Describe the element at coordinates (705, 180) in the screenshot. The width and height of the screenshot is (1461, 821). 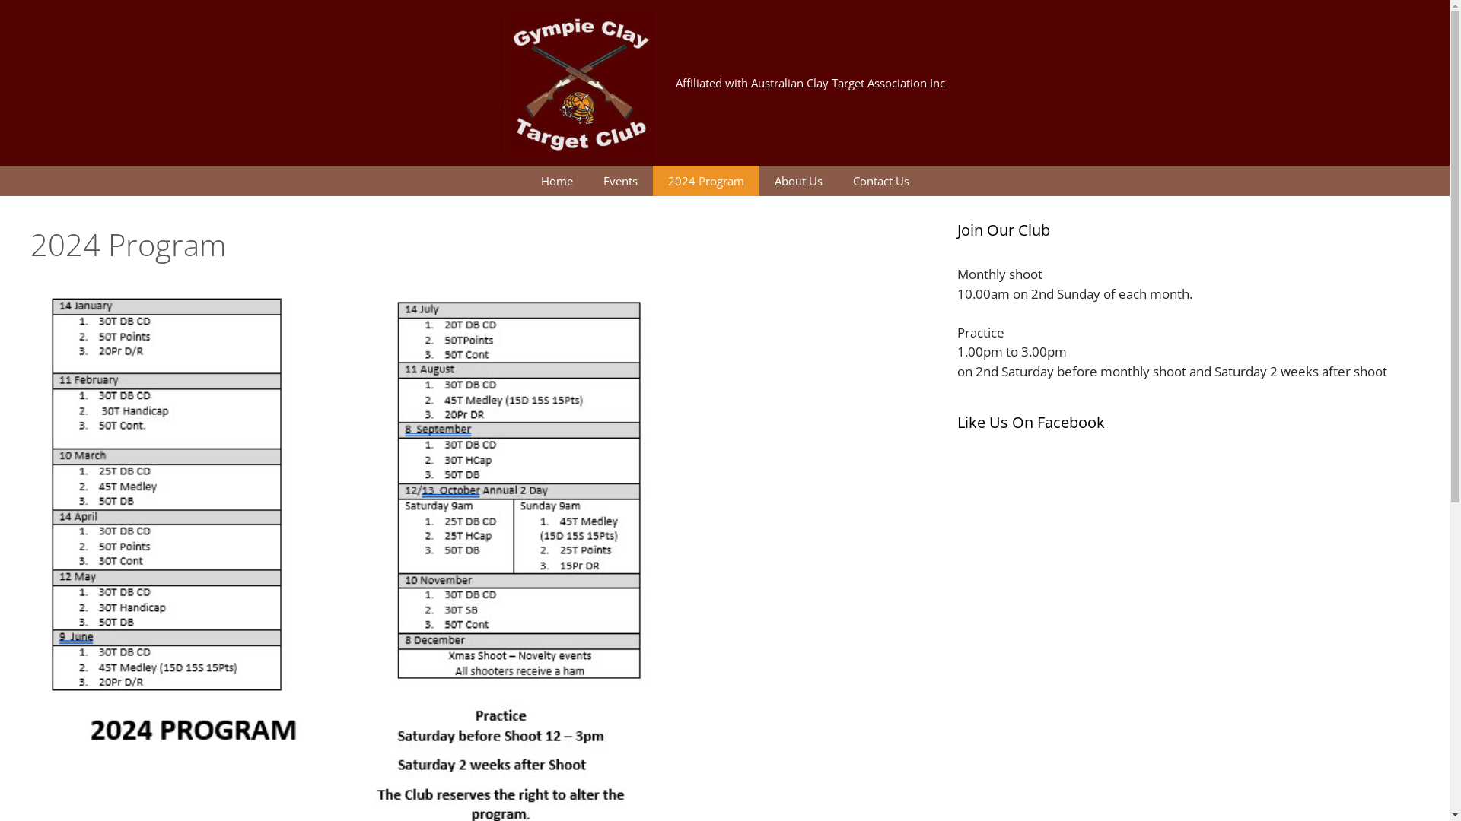
I see `'2024 Program'` at that location.